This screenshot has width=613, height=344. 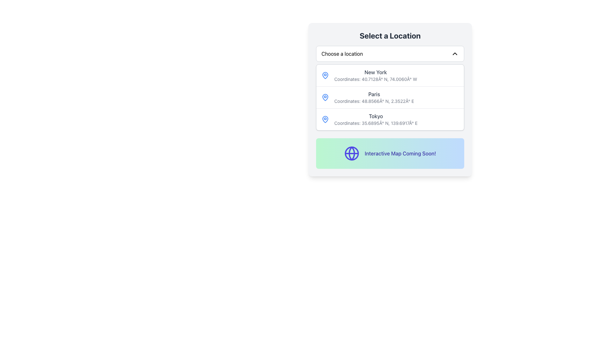 What do you see at coordinates (376, 123) in the screenshot?
I see `the text element displaying 'Coordinates: 35.6895° N, 139.6917° E', which is styled with a smaller font size and gray color, located below the title 'Tokyo' in the list of locations` at bounding box center [376, 123].